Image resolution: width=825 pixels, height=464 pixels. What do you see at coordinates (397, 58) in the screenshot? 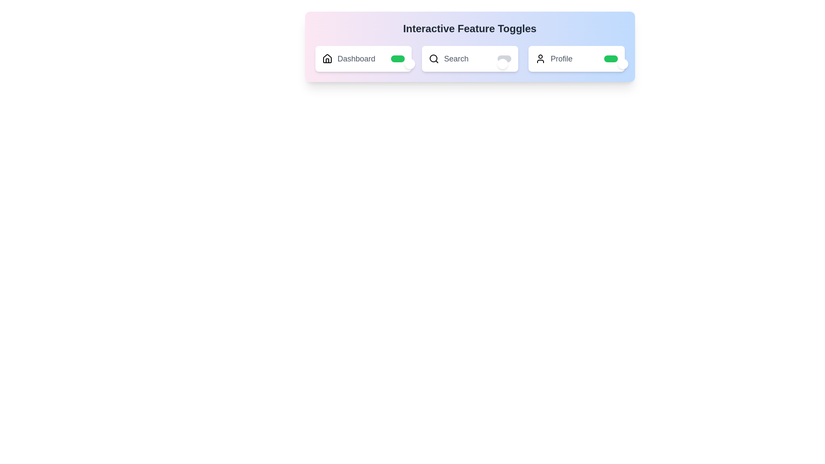
I see `the toggle switch for the Dashboard to toggle its state` at bounding box center [397, 58].